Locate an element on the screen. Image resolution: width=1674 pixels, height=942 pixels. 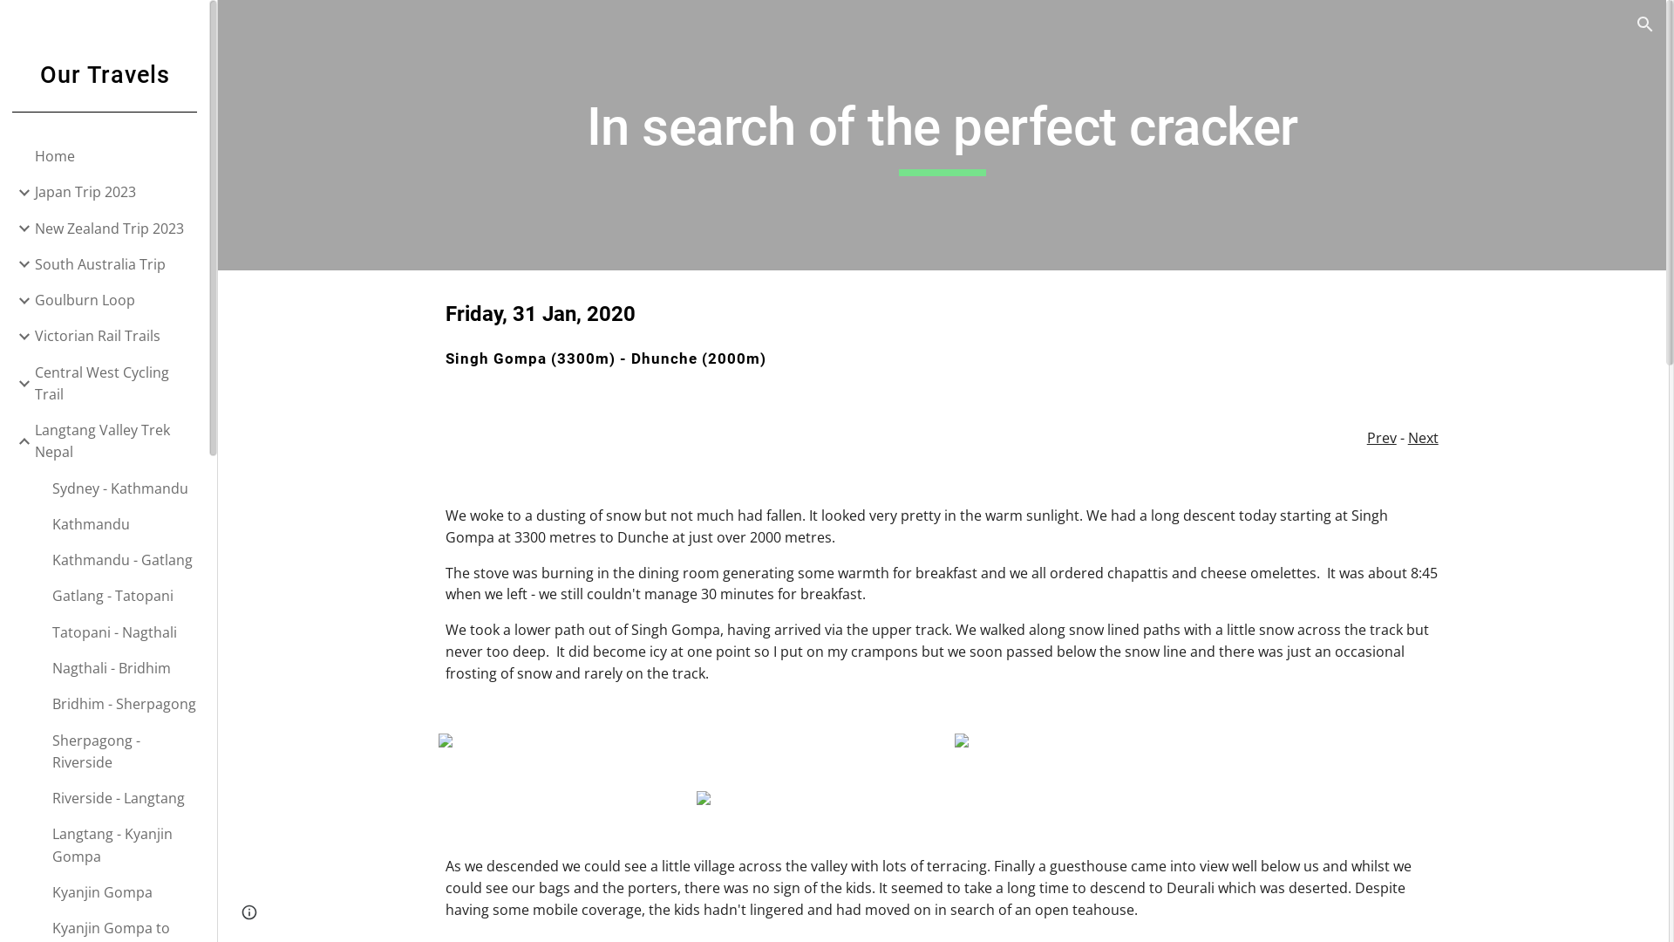
'Goulburn Loop' is located at coordinates (113, 299).